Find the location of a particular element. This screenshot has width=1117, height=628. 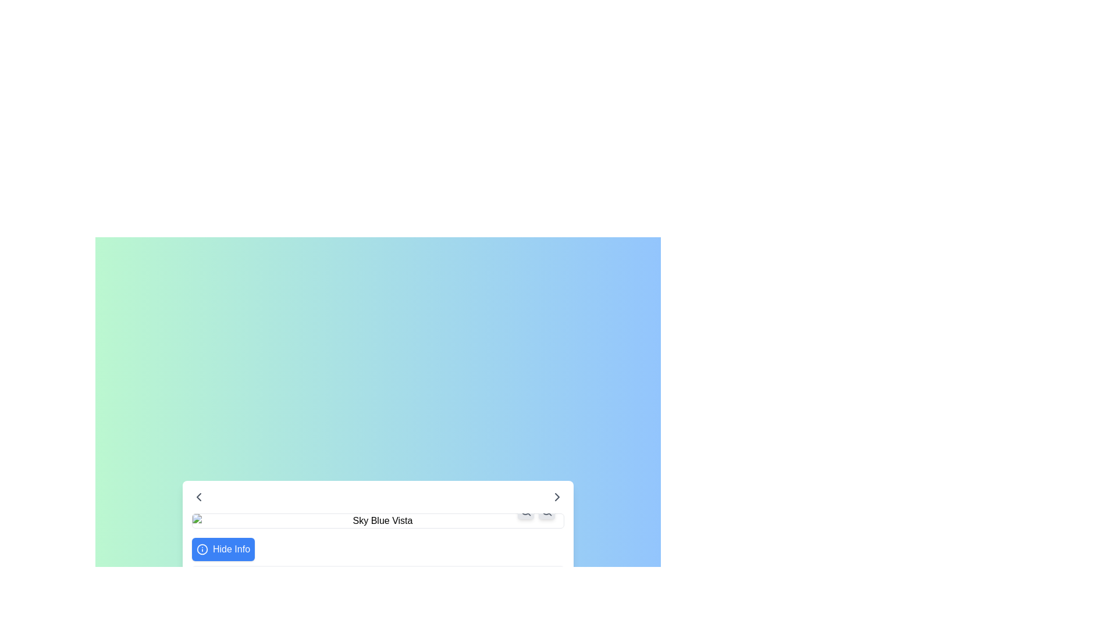

the Chevron Right icon located in the top-right corner of the interface is located at coordinates (557, 497).